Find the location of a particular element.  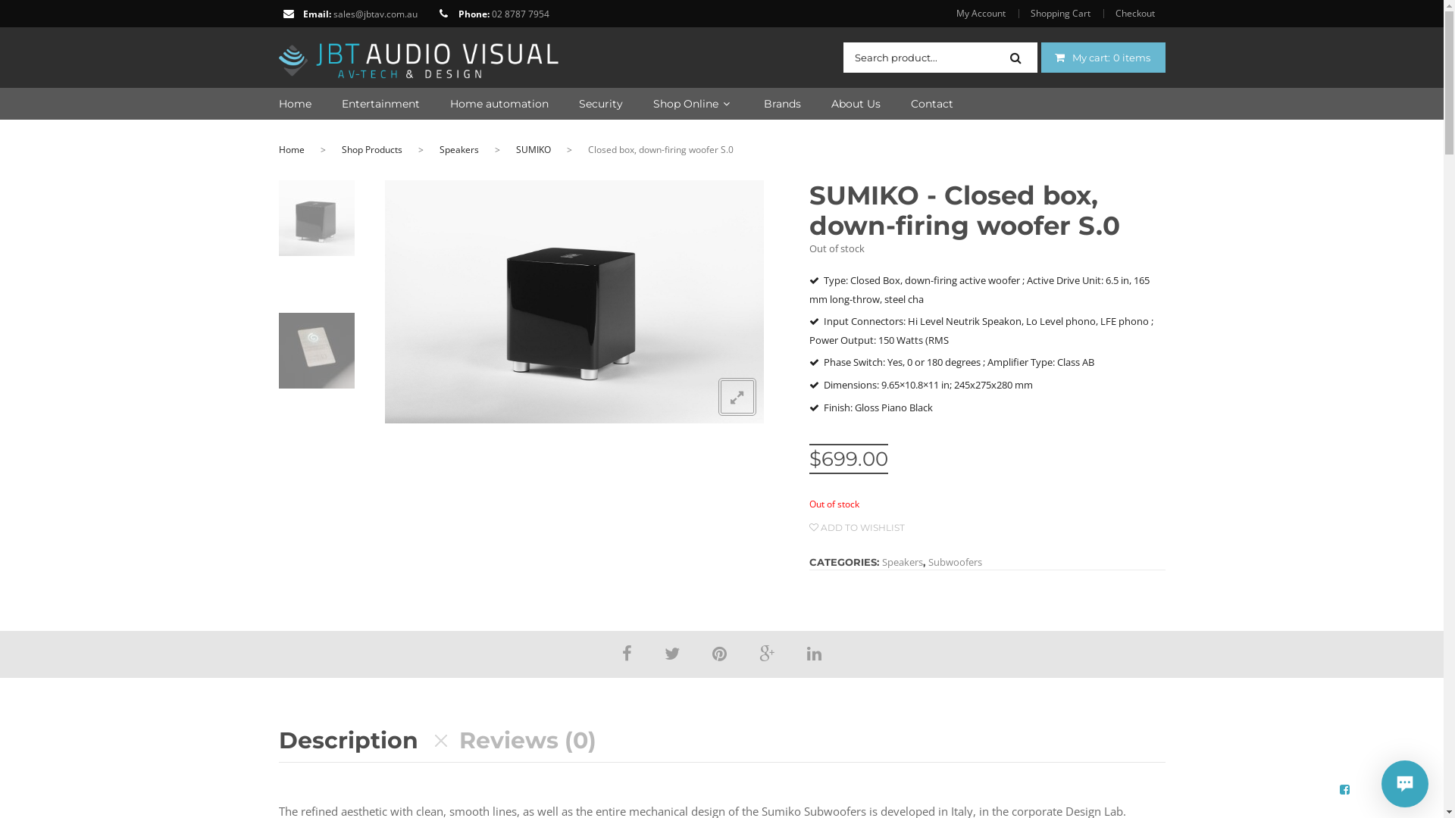

'Google +' is located at coordinates (759, 651).